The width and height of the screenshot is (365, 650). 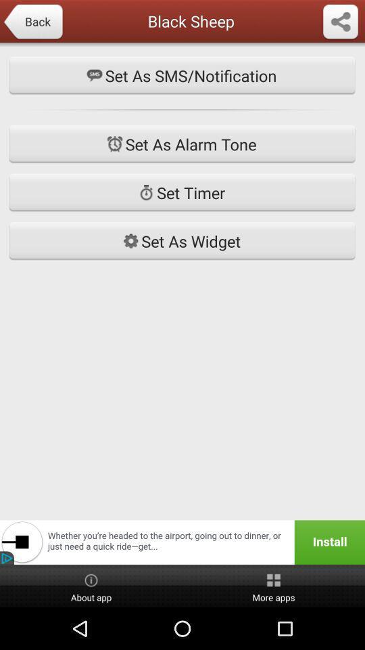 What do you see at coordinates (32, 22) in the screenshot?
I see `app to the left of black sheep icon` at bounding box center [32, 22].